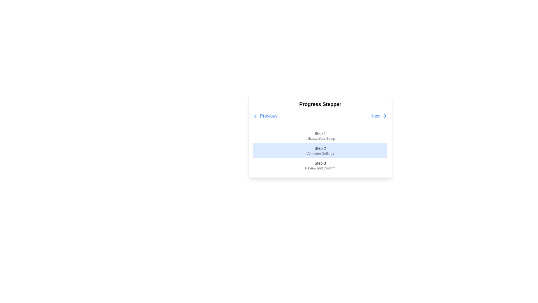 The width and height of the screenshot is (538, 303). What do you see at coordinates (320, 163) in the screenshot?
I see `the static text label displaying 'Step 3' in gray, part of the progress stepper interface` at bounding box center [320, 163].